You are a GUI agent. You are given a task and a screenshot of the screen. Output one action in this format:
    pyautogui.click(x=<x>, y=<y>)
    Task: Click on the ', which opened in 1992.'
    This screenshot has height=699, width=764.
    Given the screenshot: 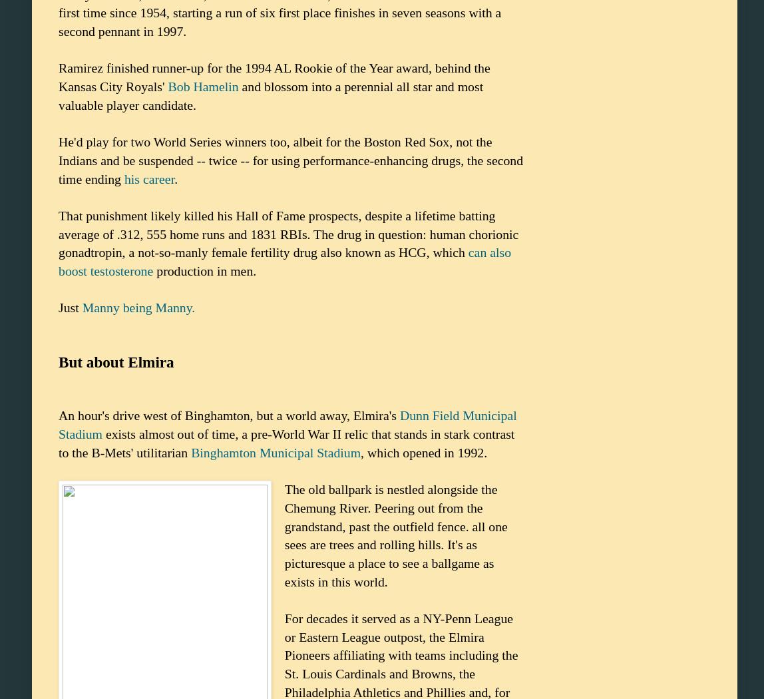 What is the action you would take?
    pyautogui.click(x=424, y=452)
    